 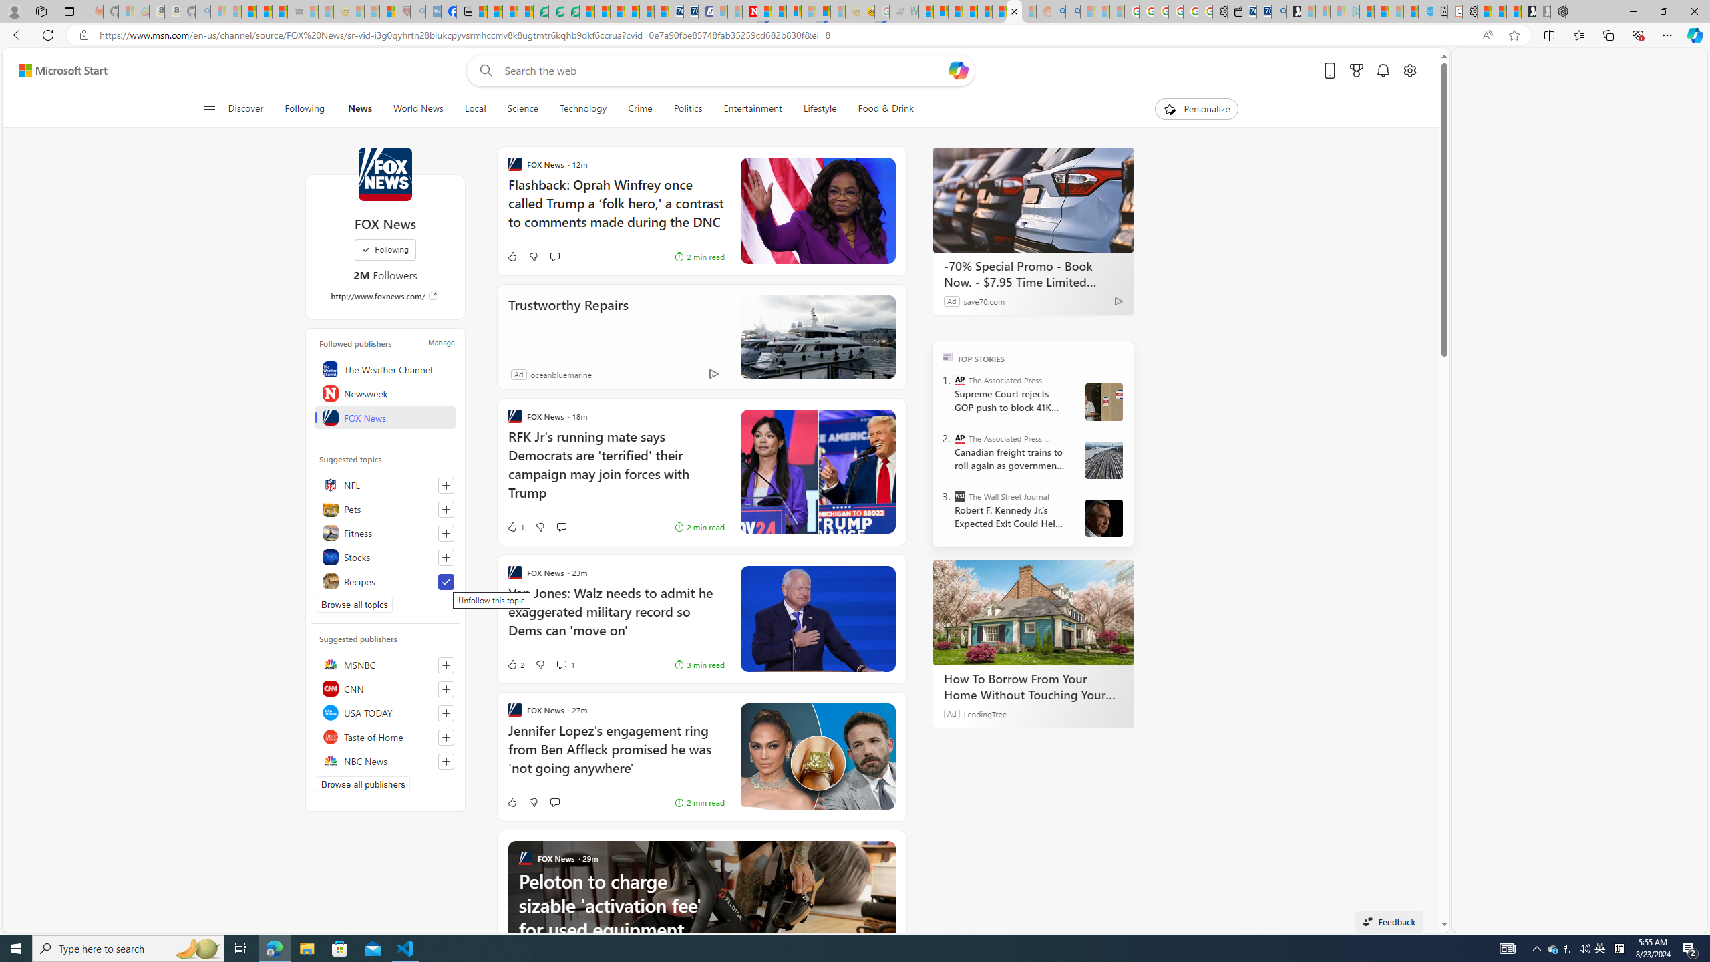 What do you see at coordinates (947, 355) in the screenshot?
I see `'TOP'` at bounding box center [947, 355].